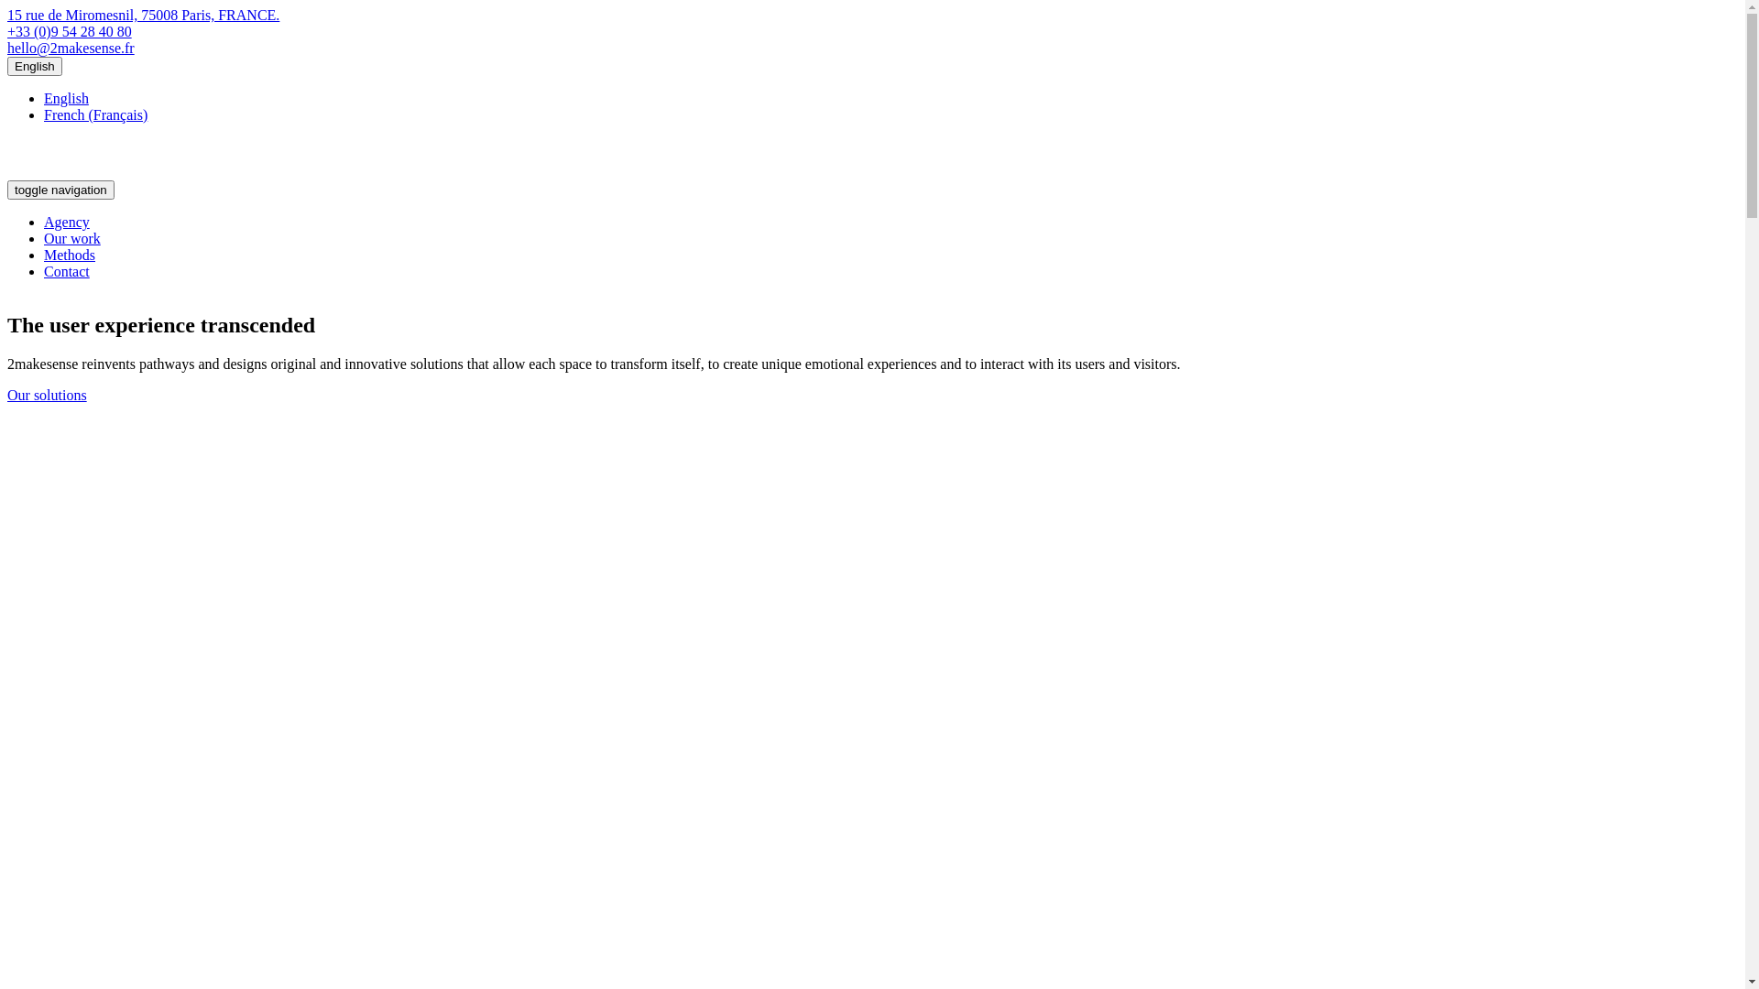 Image resolution: width=1759 pixels, height=989 pixels. Describe the element at coordinates (70, 31) in the screenshot. I see `'+33 (0)9 54 28 40 80'` at that location.